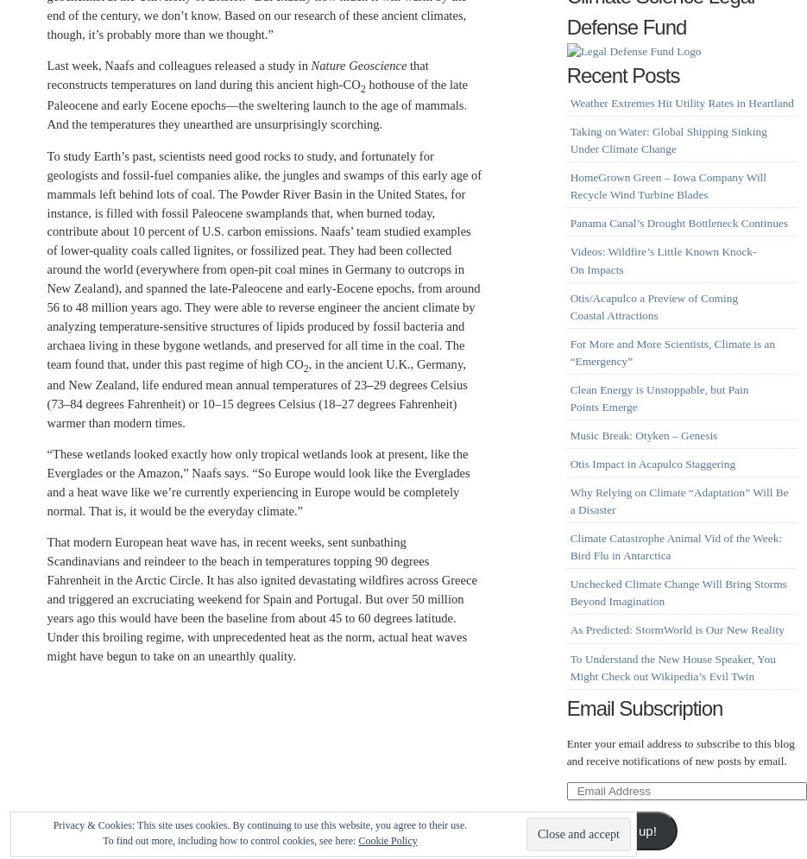 This screenshot has width=807, height=859. Describe the element at coordinates (677, 591) in the screenshot. I see `'Unchecked Climate Change Will Bring Storms Beyond Imagination'` at that location.